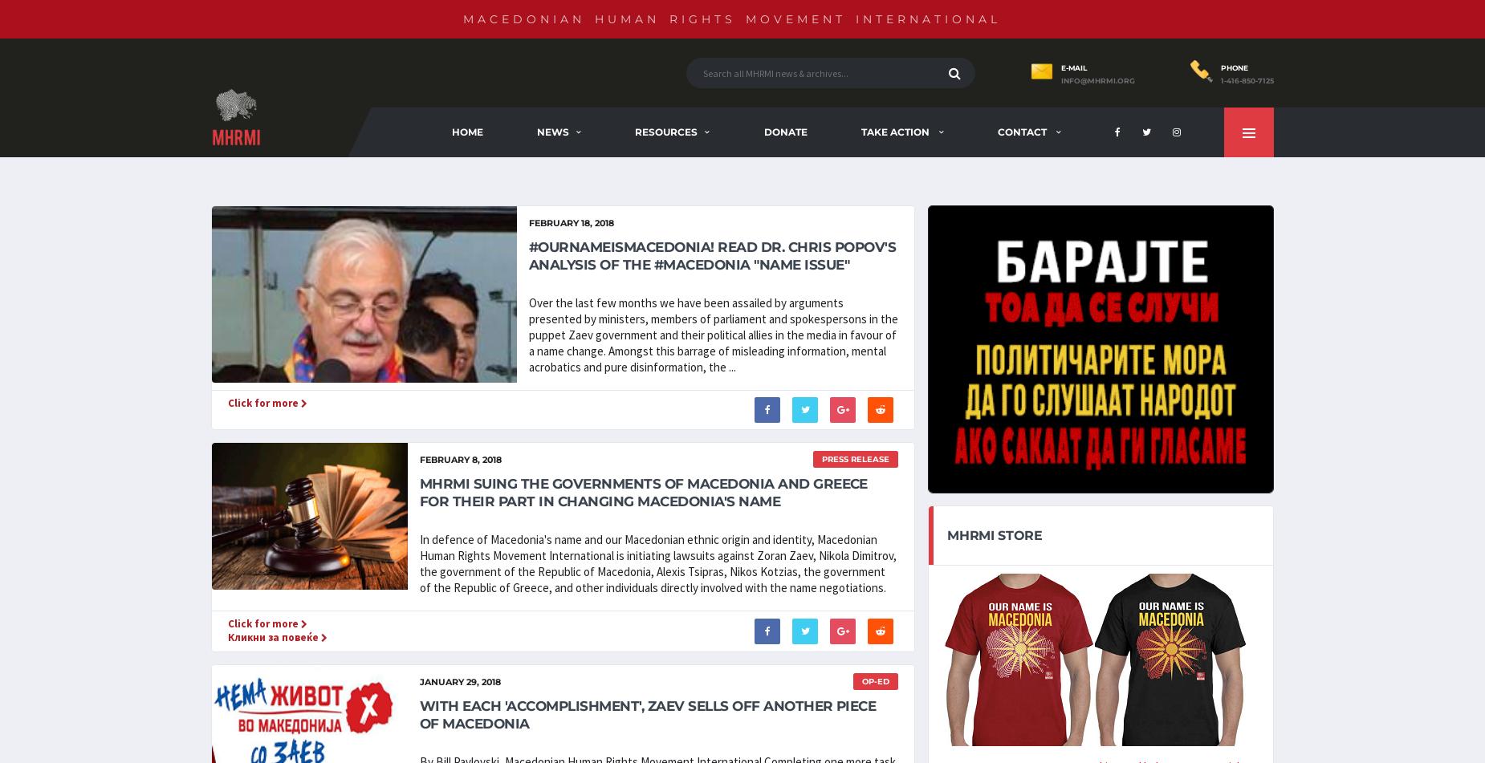 This screenshot has width=1485, height=763. What do you see at coordinates (854, 458) in the screenshot?
I see `'Press Release'` at bounding box center [854, 458].